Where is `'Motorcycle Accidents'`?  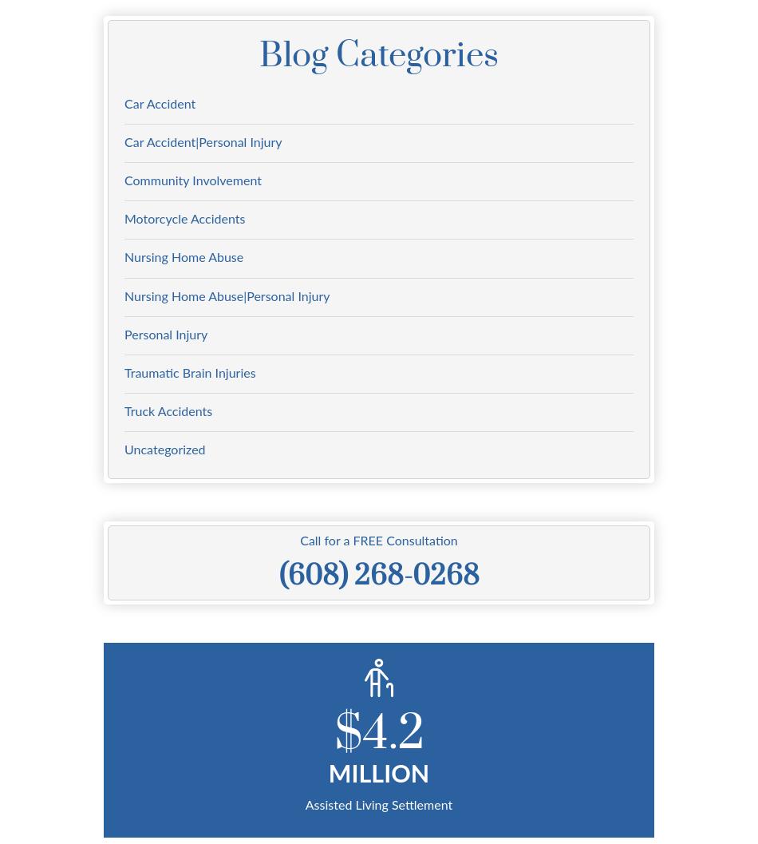 'Motorcycle Accidents' is located at coordinates (184, 219).